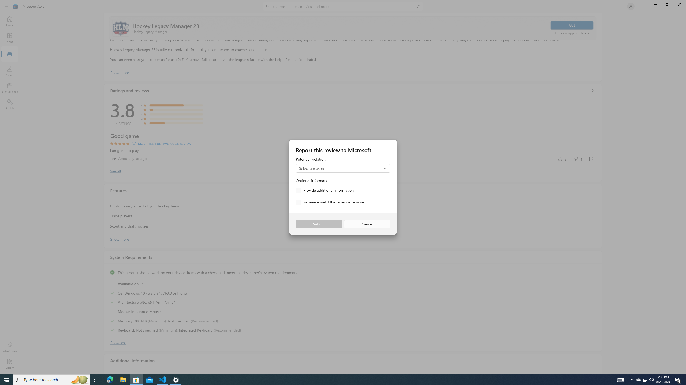  What do you see at coordinates (9, 364) in the screenshot?
I see `'Library'` at bounding box center [9, 364].